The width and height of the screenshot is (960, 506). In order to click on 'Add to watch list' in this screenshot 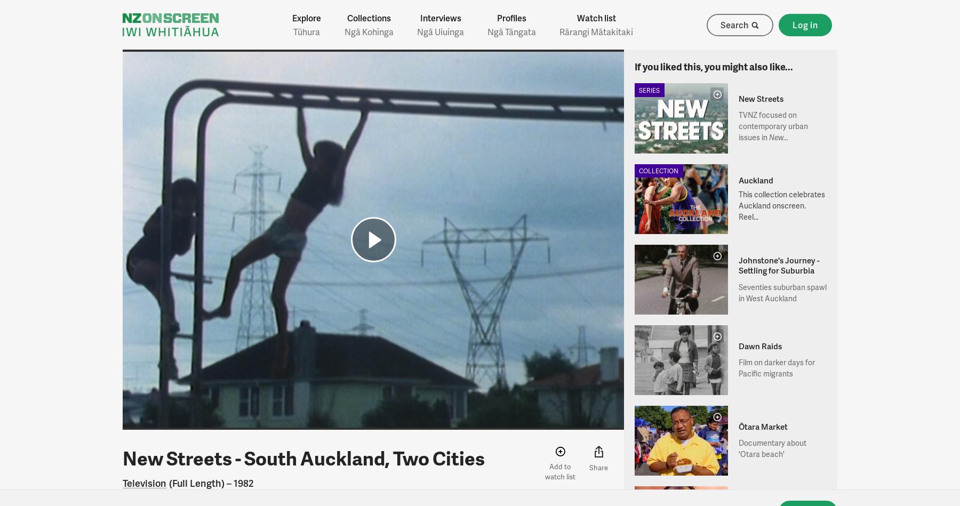, I will do `click(559, 470)`.